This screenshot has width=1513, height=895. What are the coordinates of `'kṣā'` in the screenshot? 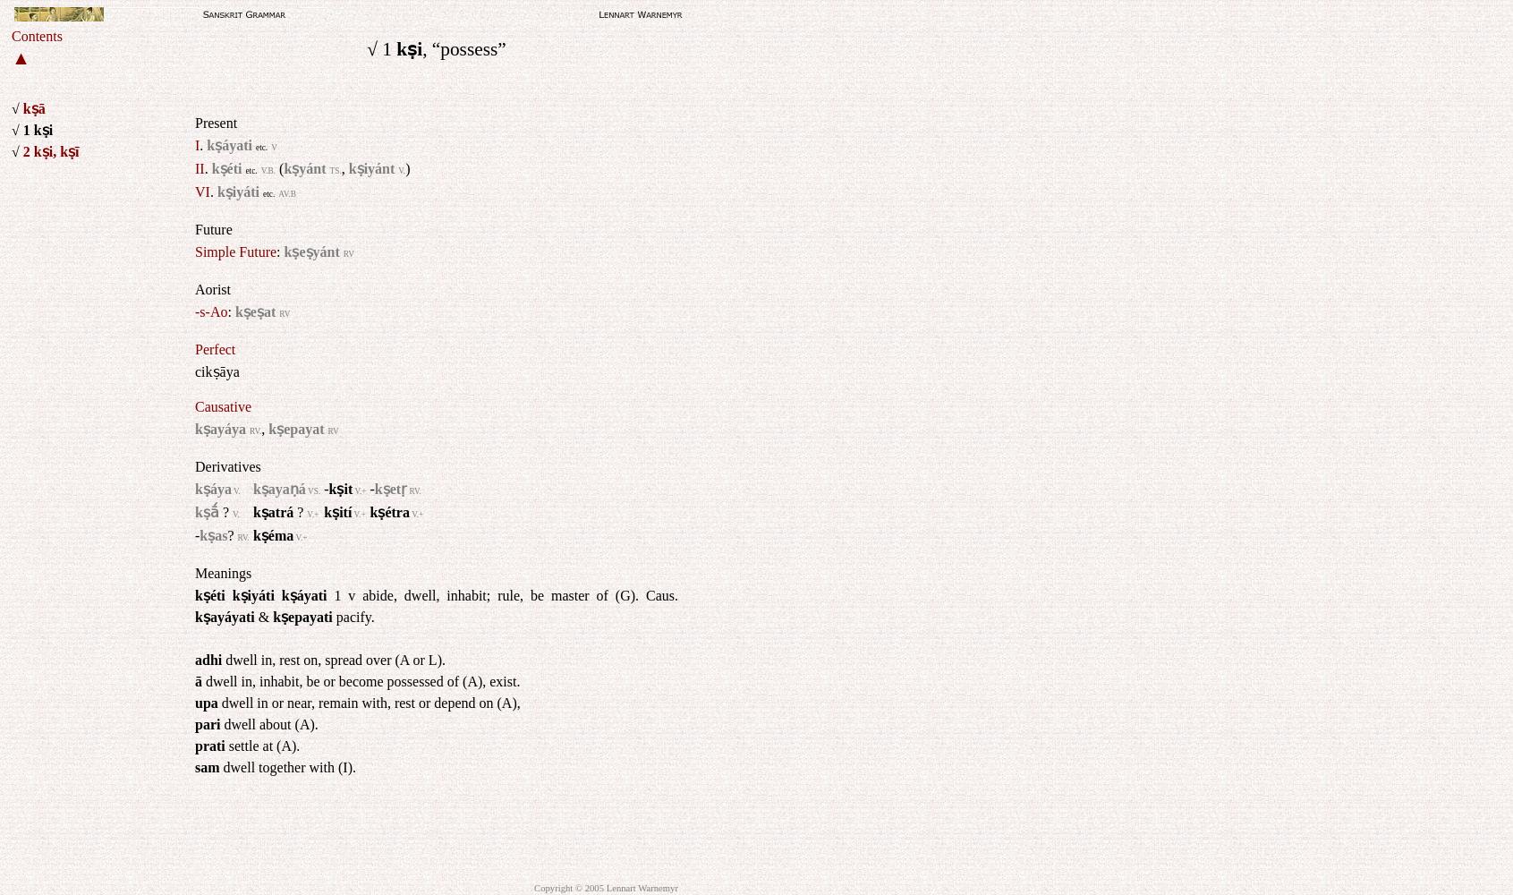 It's located at (21, 107).